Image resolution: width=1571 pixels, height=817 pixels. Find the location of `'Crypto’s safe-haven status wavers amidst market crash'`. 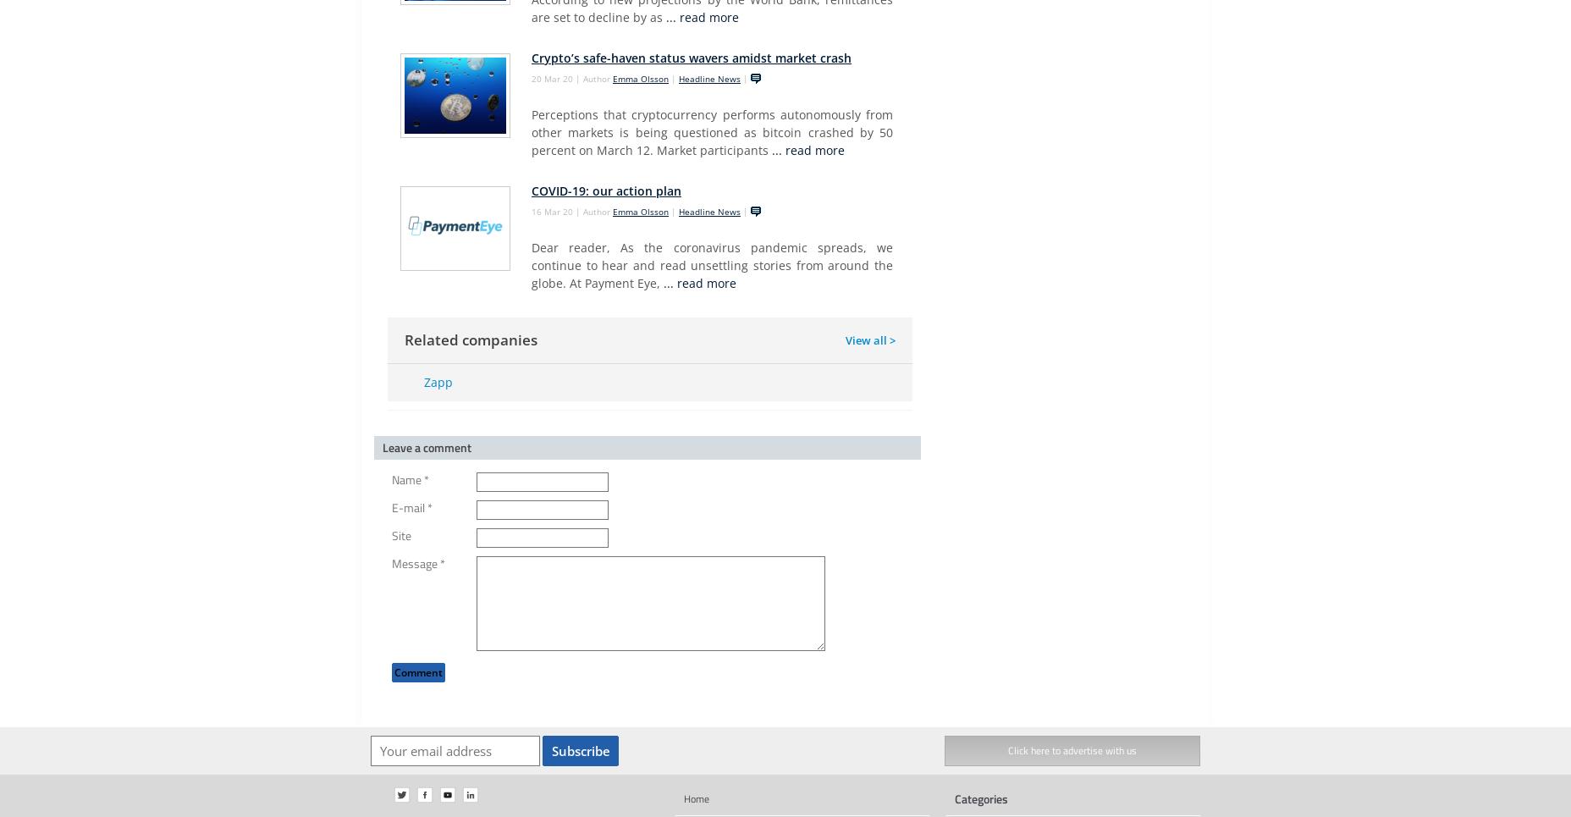

'Crypto’s safe-haven status wavers amidst market crash' is located at coordinates (532, 58).